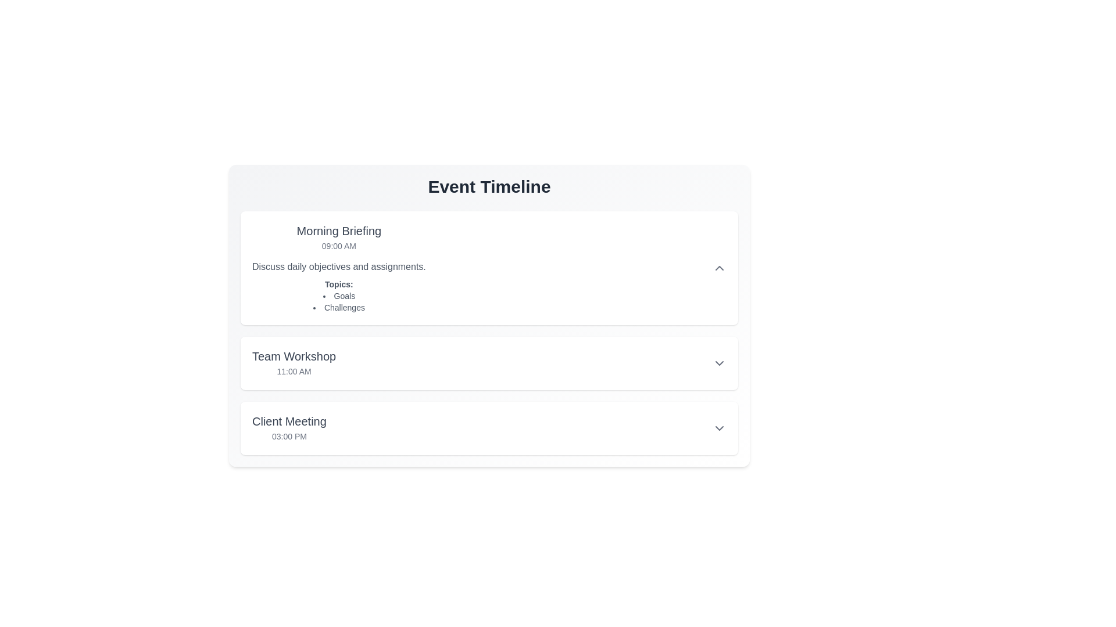  What do you see at coordinates (294, 355) in the screenshot?
I see `the text label element displaying 'Team Workshop', which is styled prominently as a section title in gray color` at bounding box center [294, 355].